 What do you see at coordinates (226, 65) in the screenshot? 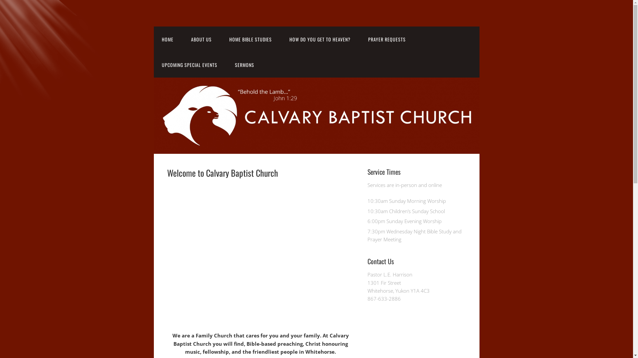
I see `'SERMONS'` at bounding box center [226, 65].